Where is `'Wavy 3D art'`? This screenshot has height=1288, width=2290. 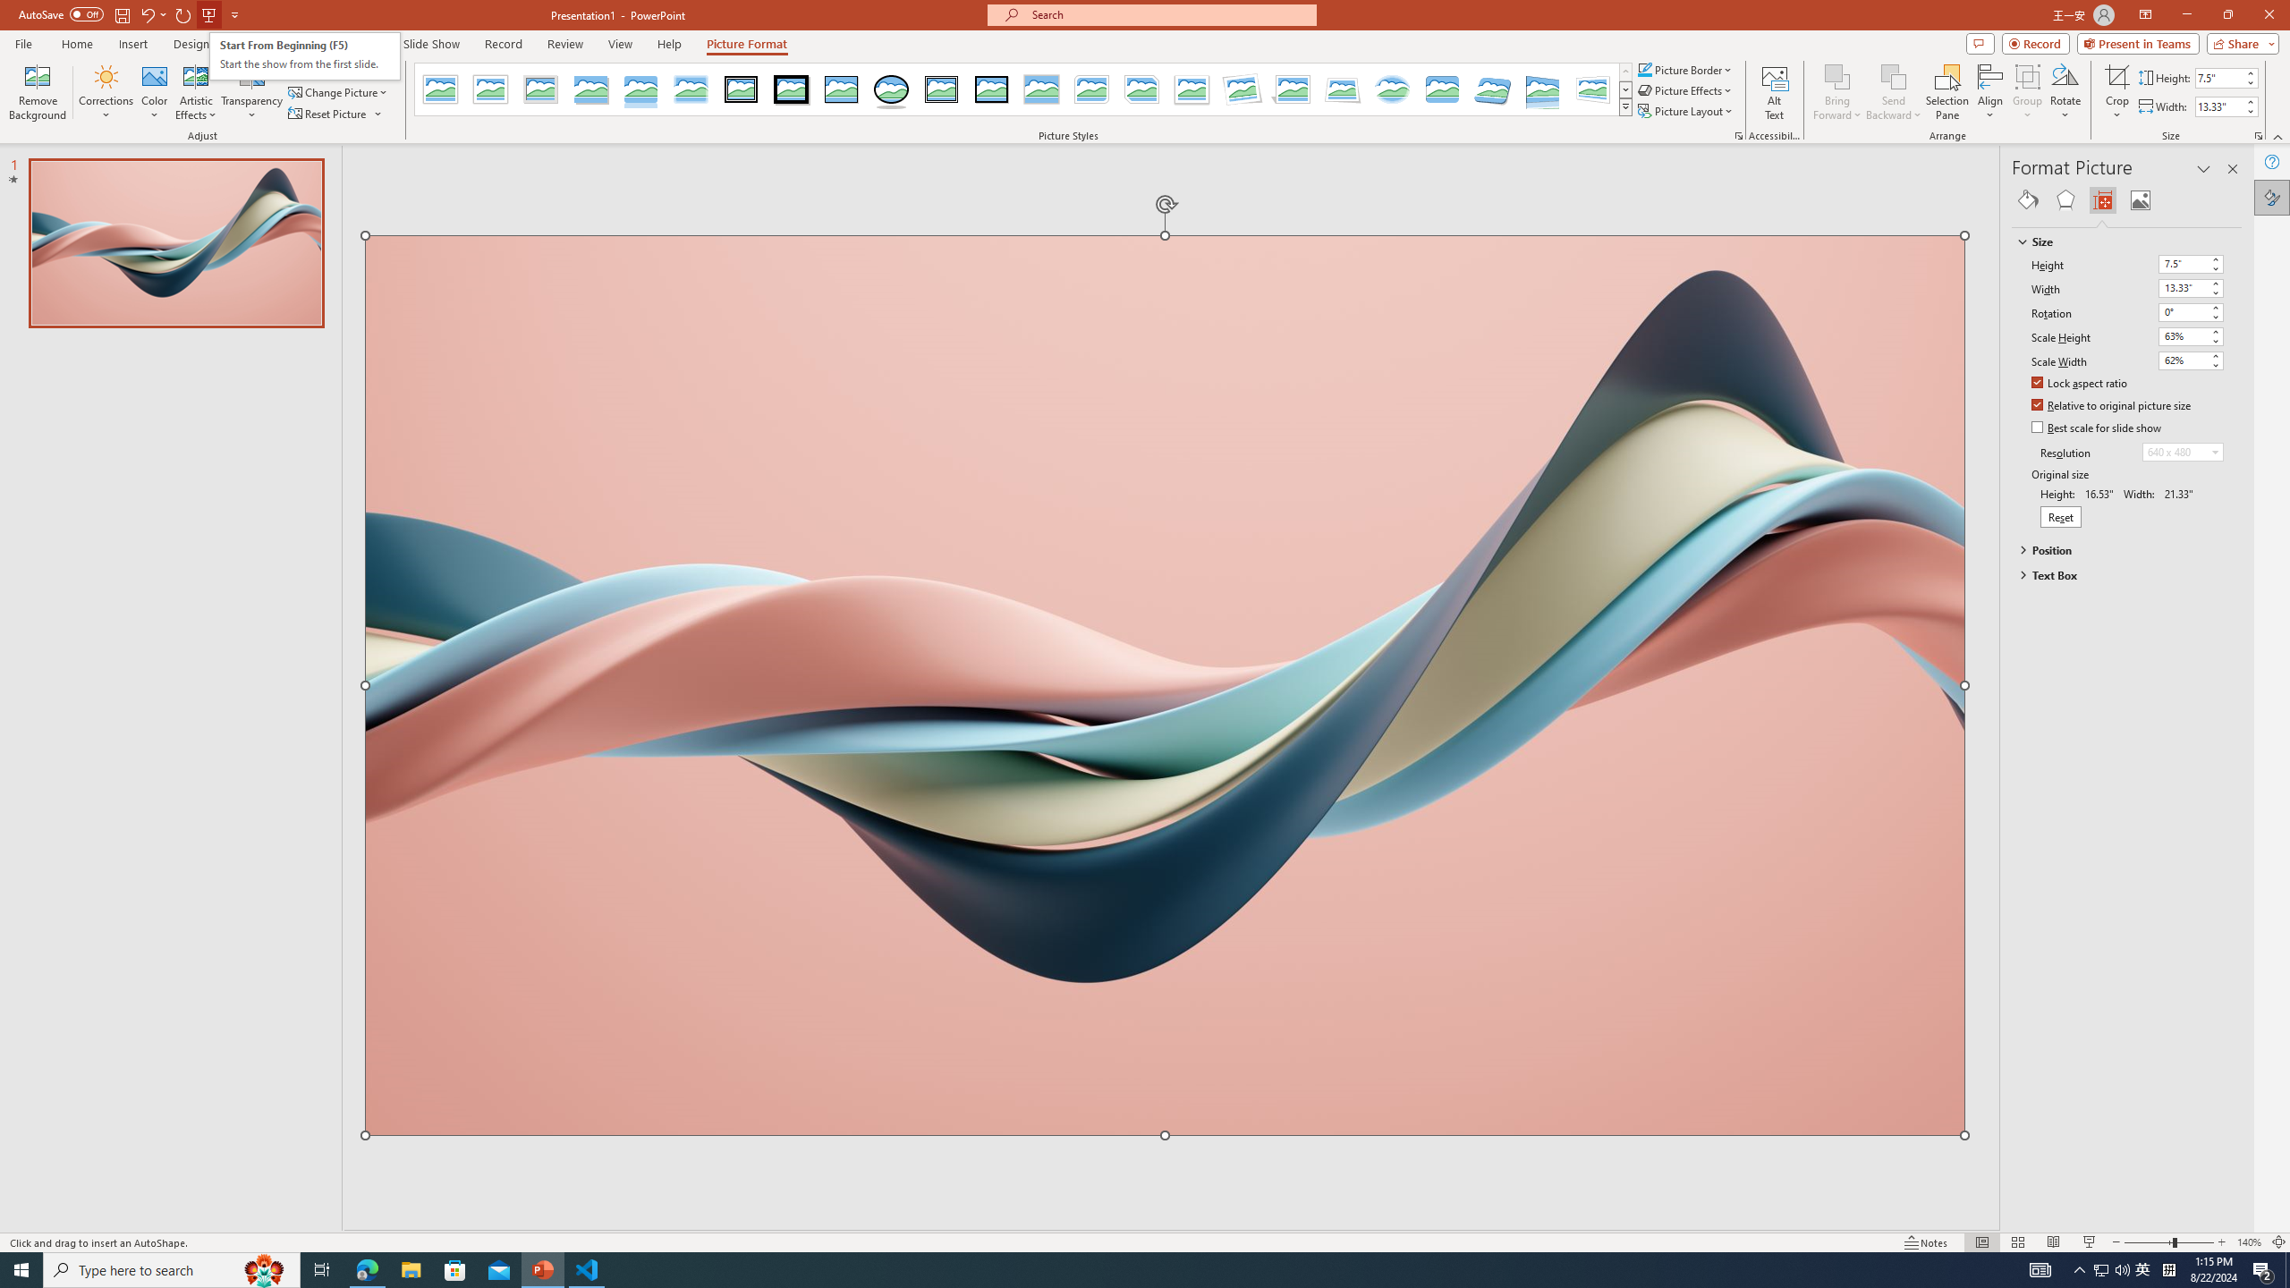
'Wavy 3D art' is located at coordinates (1166, 684).